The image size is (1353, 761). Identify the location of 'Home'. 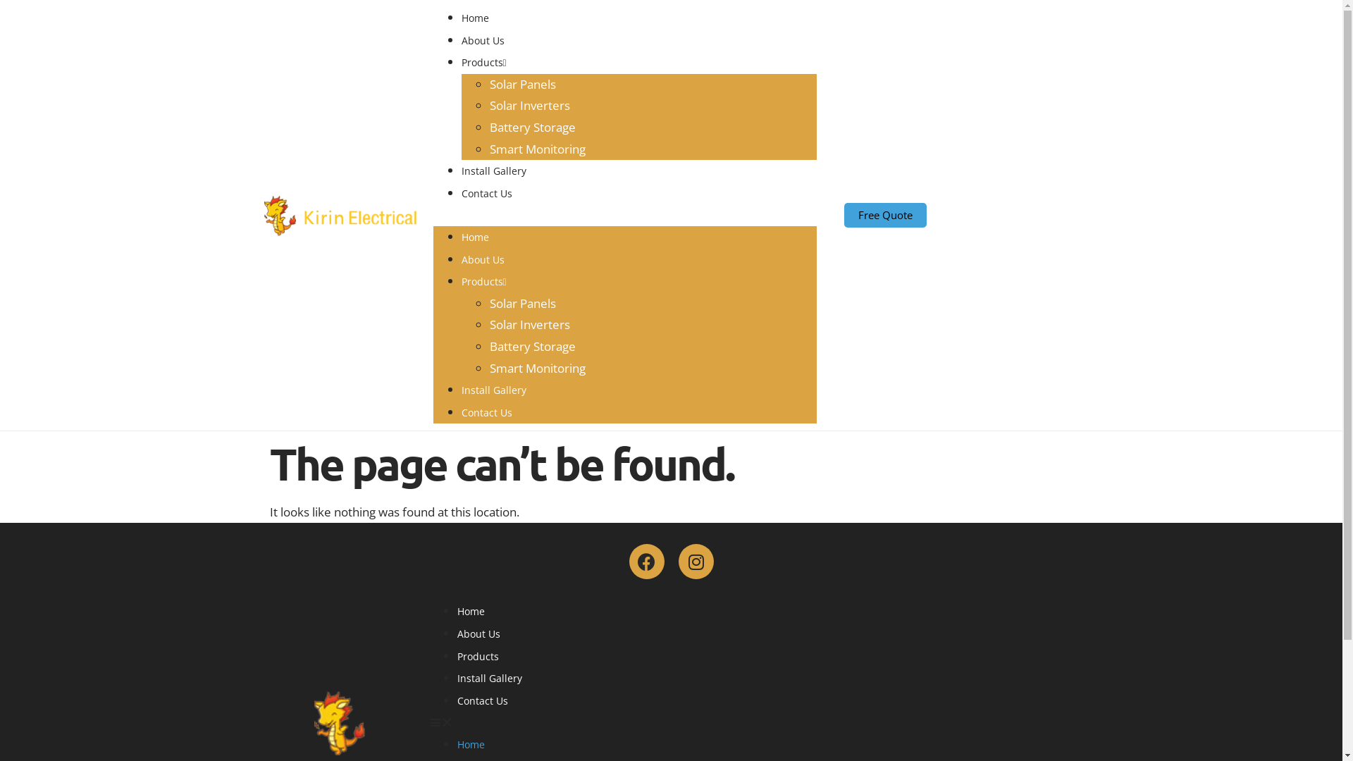
(470, 610).